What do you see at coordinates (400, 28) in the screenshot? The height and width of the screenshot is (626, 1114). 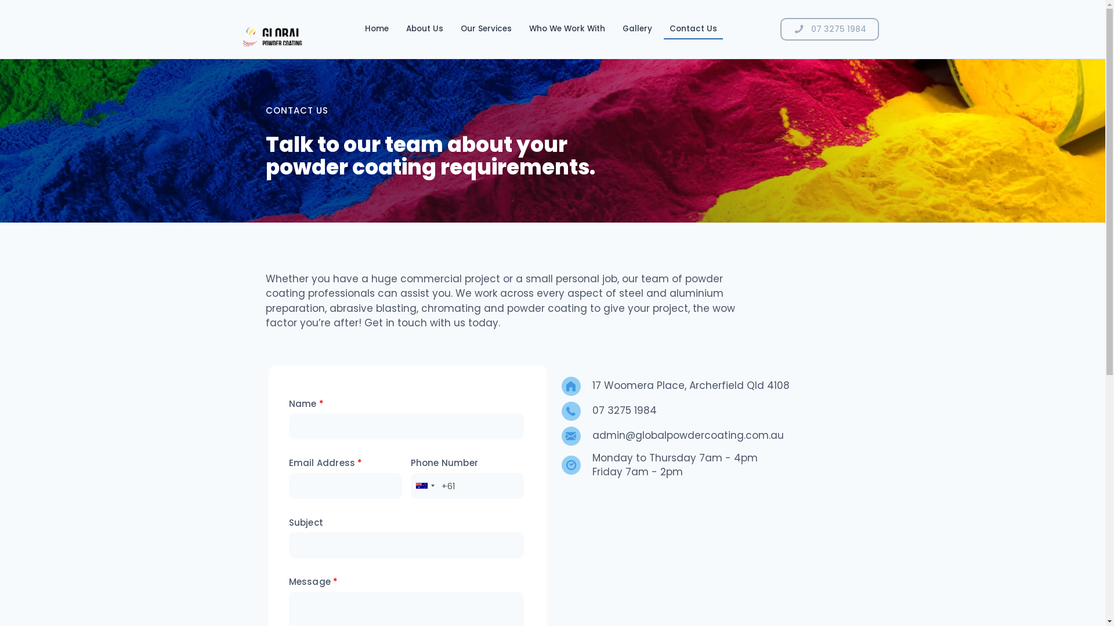 I see `'About Us'` at bounding box center [400, 28].